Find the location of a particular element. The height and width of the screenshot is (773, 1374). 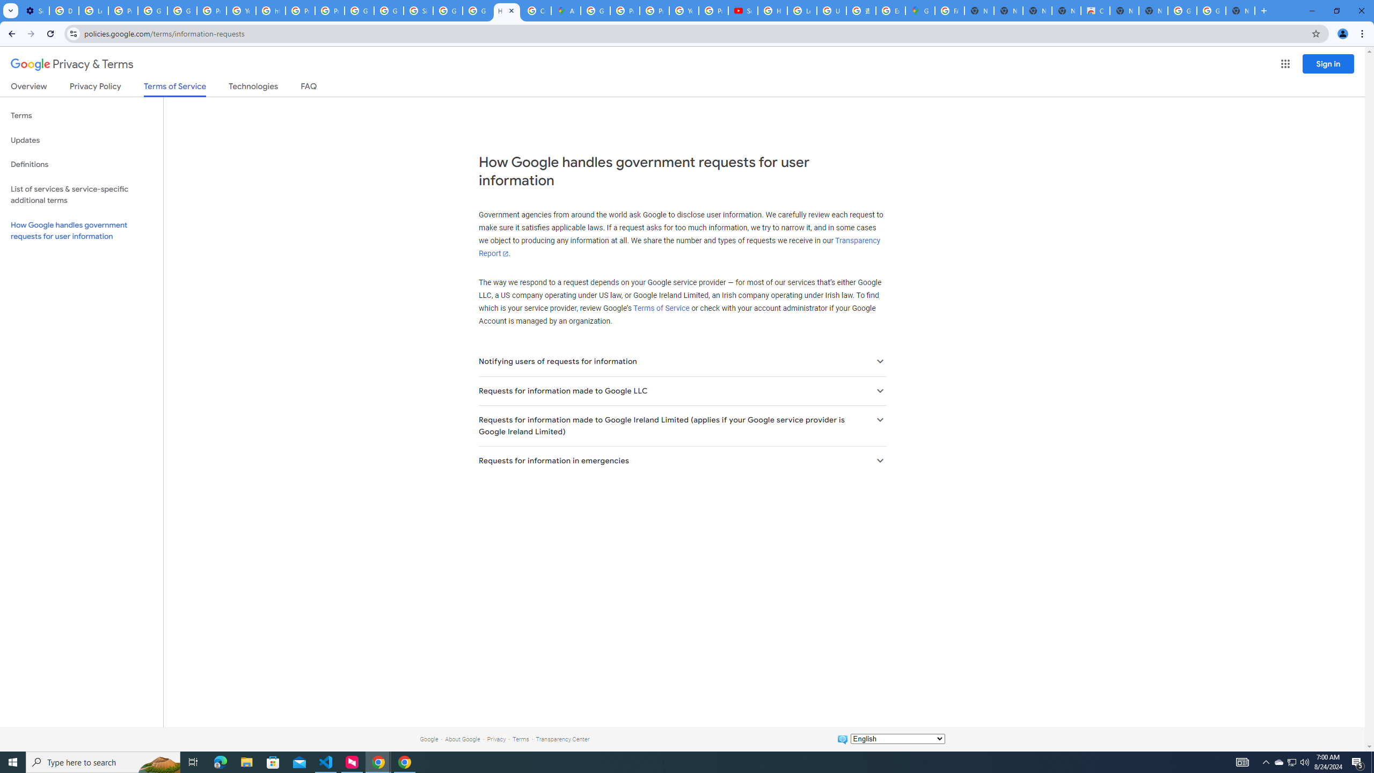

'Subscriptions - YouTube' is located at coordinates (742, 10).